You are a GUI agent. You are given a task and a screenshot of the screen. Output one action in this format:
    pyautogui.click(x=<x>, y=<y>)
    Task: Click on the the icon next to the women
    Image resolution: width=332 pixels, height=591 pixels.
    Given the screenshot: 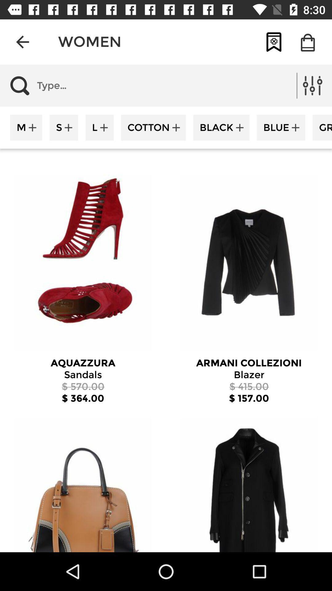 What is the action you would take?
    pyautogui.click(x=22, y=42)
    